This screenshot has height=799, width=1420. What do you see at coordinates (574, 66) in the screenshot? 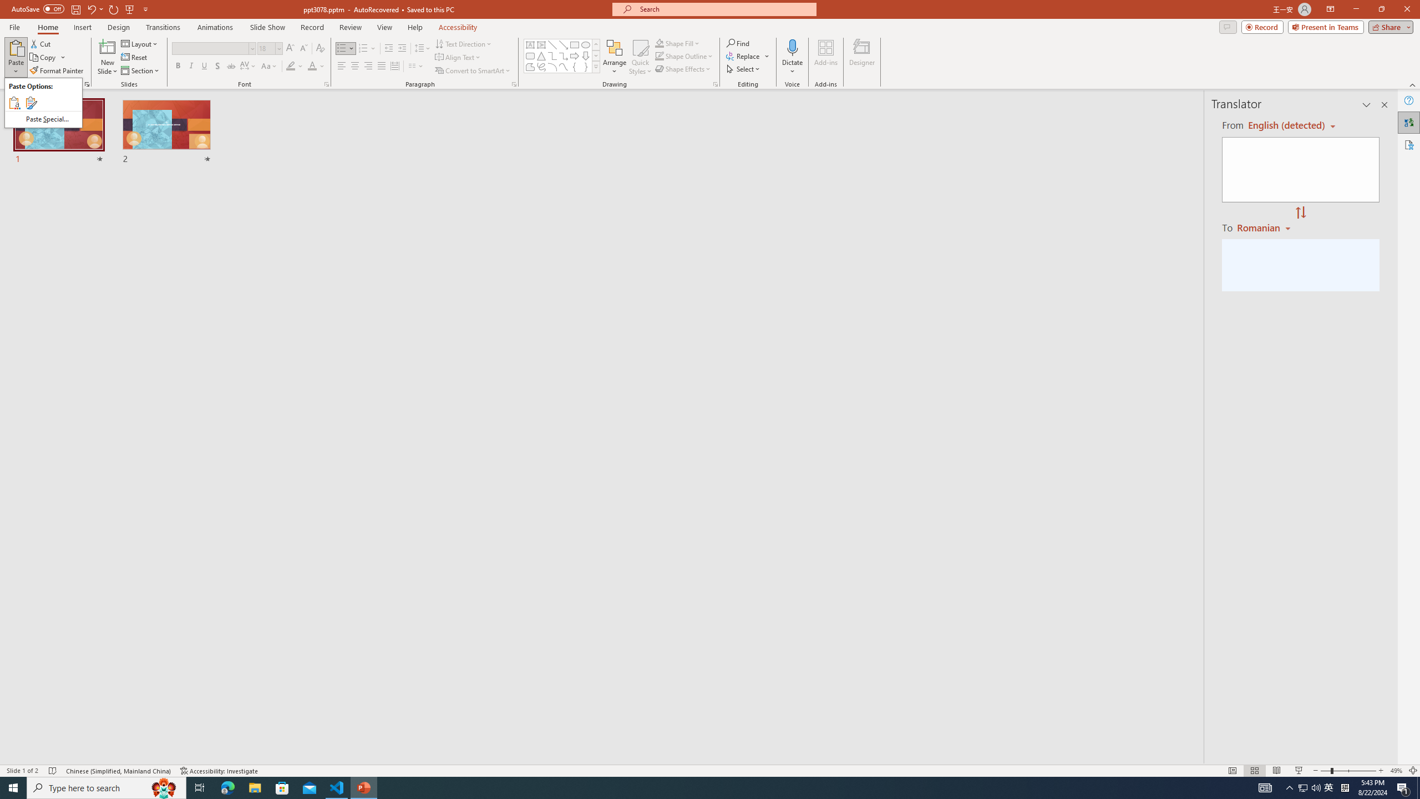
I see `'Left Brace'` at bounding box center [574, 66].